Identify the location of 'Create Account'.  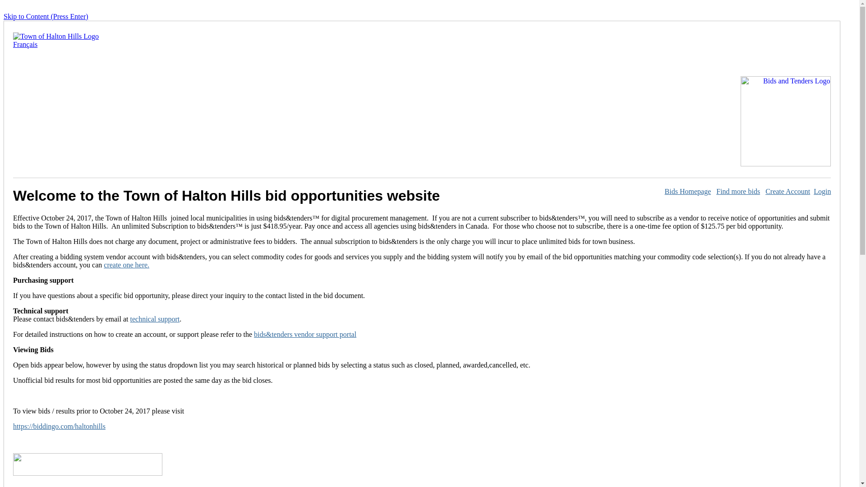
(787, 191).